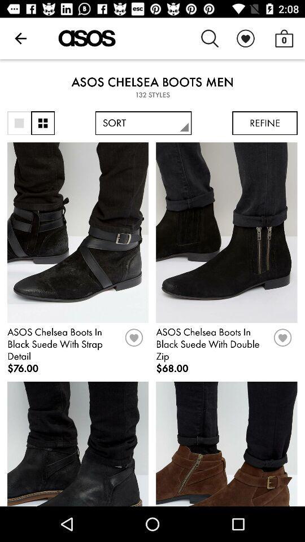  What do you see at coordinates (245, 38) in the screenshot?
I see `item to the left of the 0 item` at bounding box center [245, 38].